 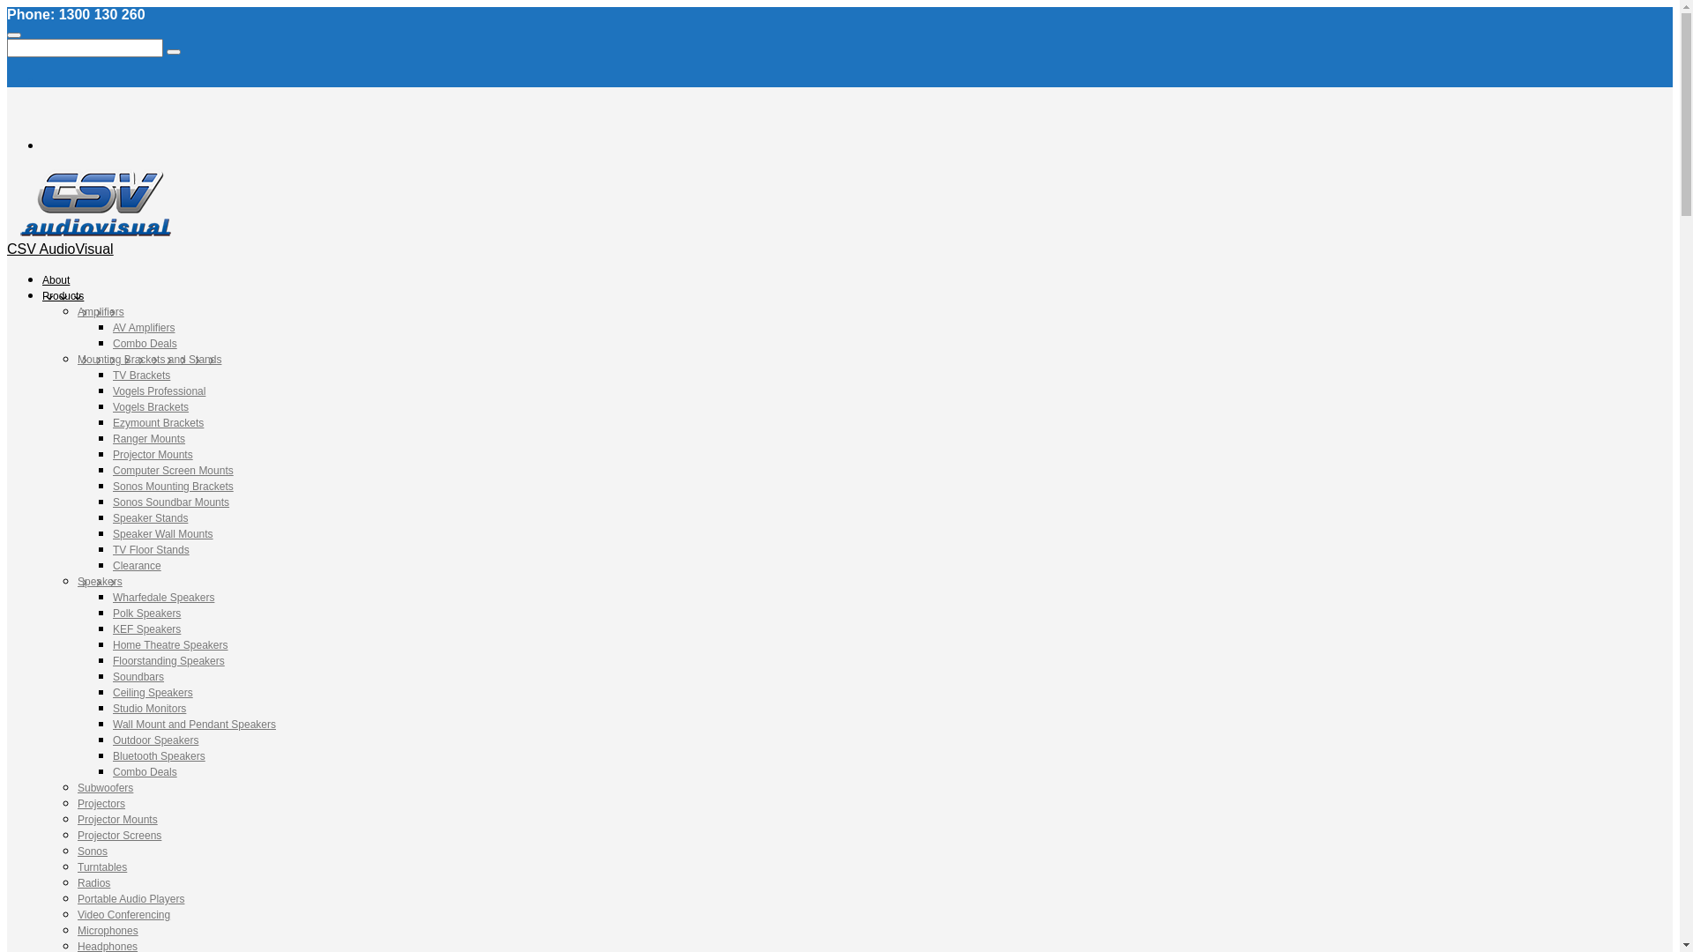 I want to click on 'Sonos Mounting Brackets', so click(x=173, y=486).